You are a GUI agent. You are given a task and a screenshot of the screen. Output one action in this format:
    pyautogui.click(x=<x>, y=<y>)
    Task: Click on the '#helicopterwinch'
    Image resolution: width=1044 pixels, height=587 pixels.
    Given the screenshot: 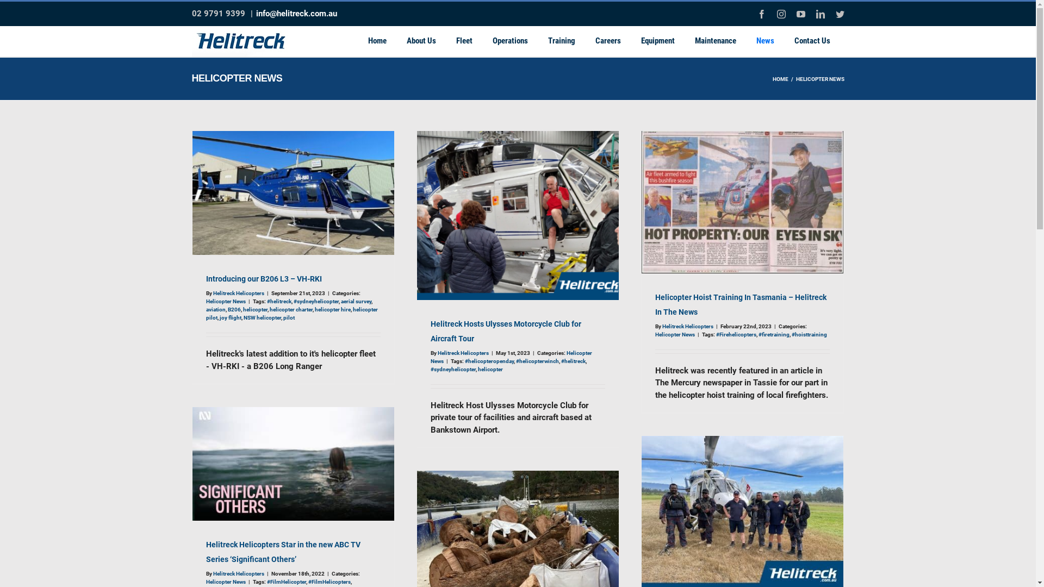 What is the action you would take?
    pyautogui.click(x=537, y=361)
    